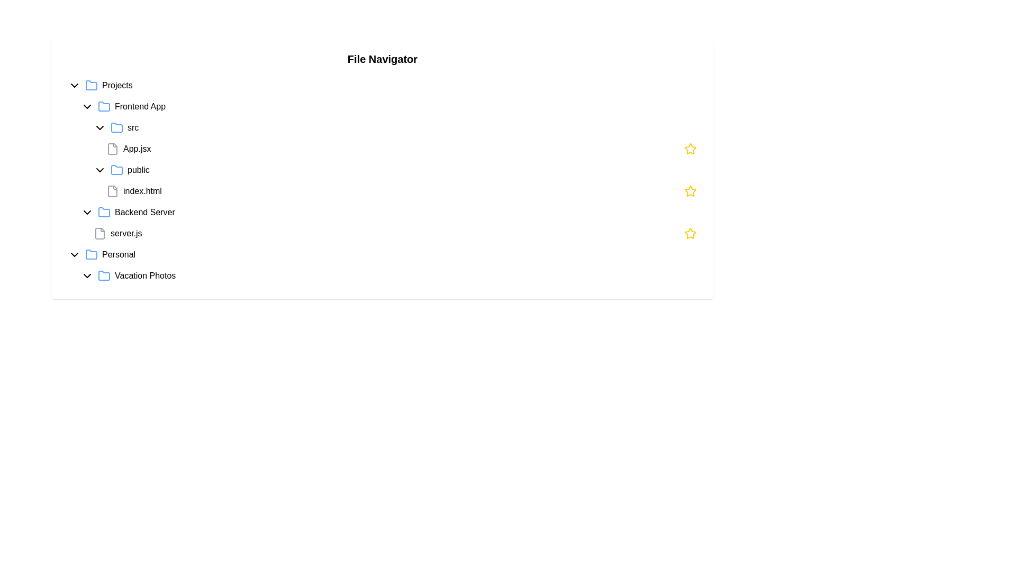 The height and width of the screenshot is (571, 1016). I want to click on the file icon representing 'App.jsx' located under the 'src' folder, so click(112, 149).